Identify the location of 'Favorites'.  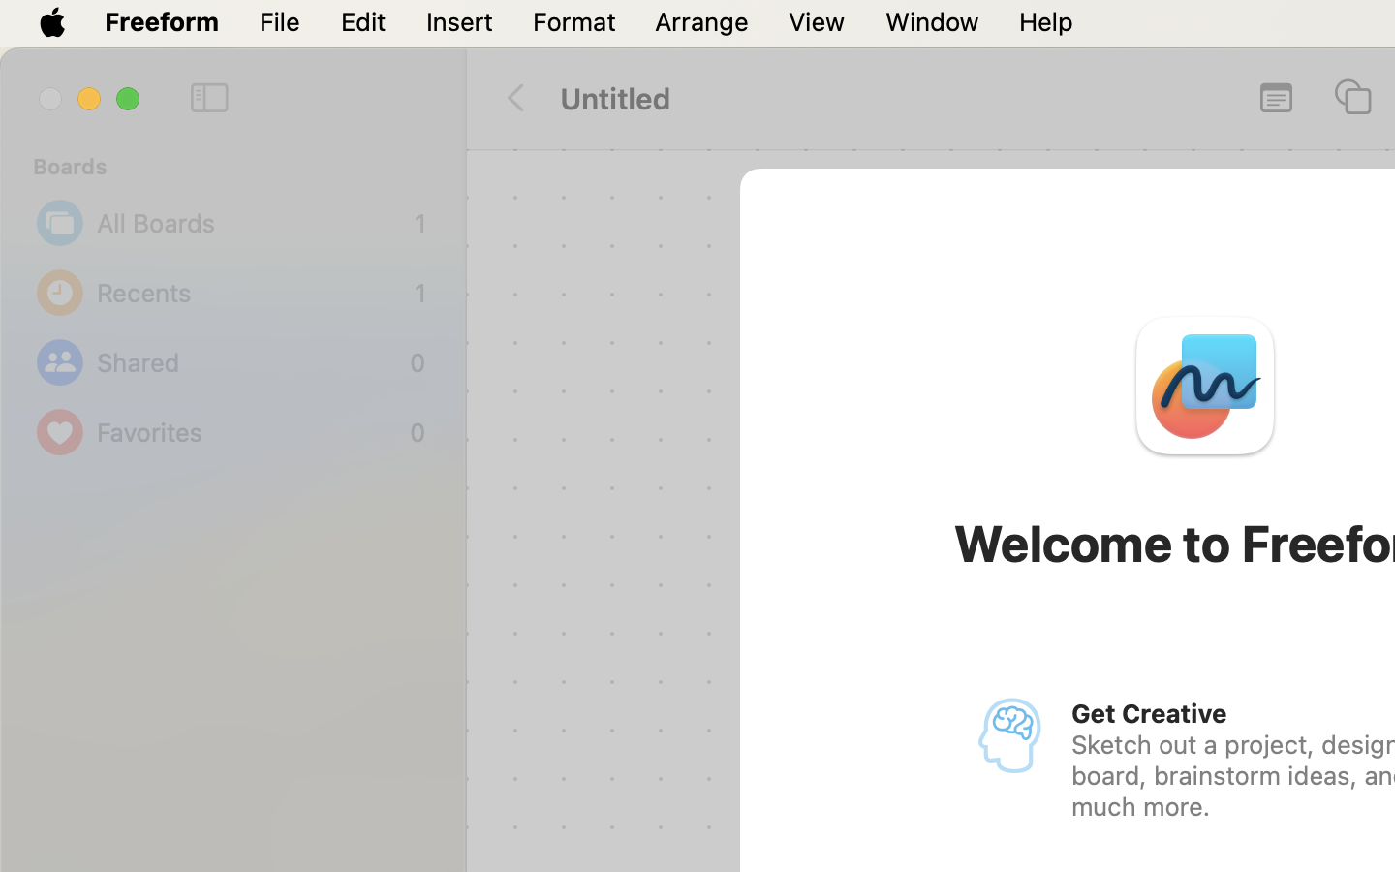
(247, 432).